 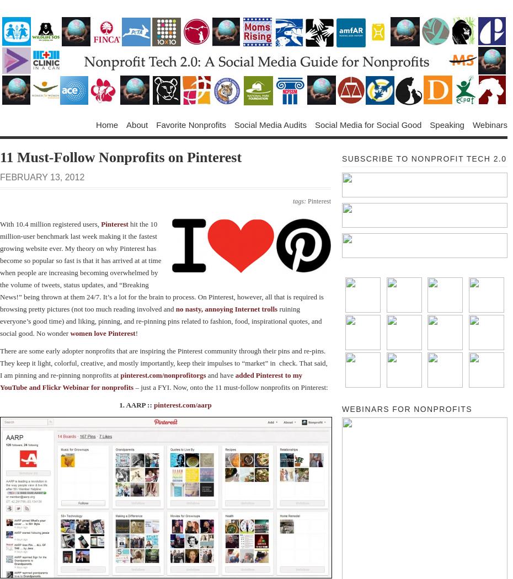 I want to click on 'February 13, 2012', so click(x=41, y=176).